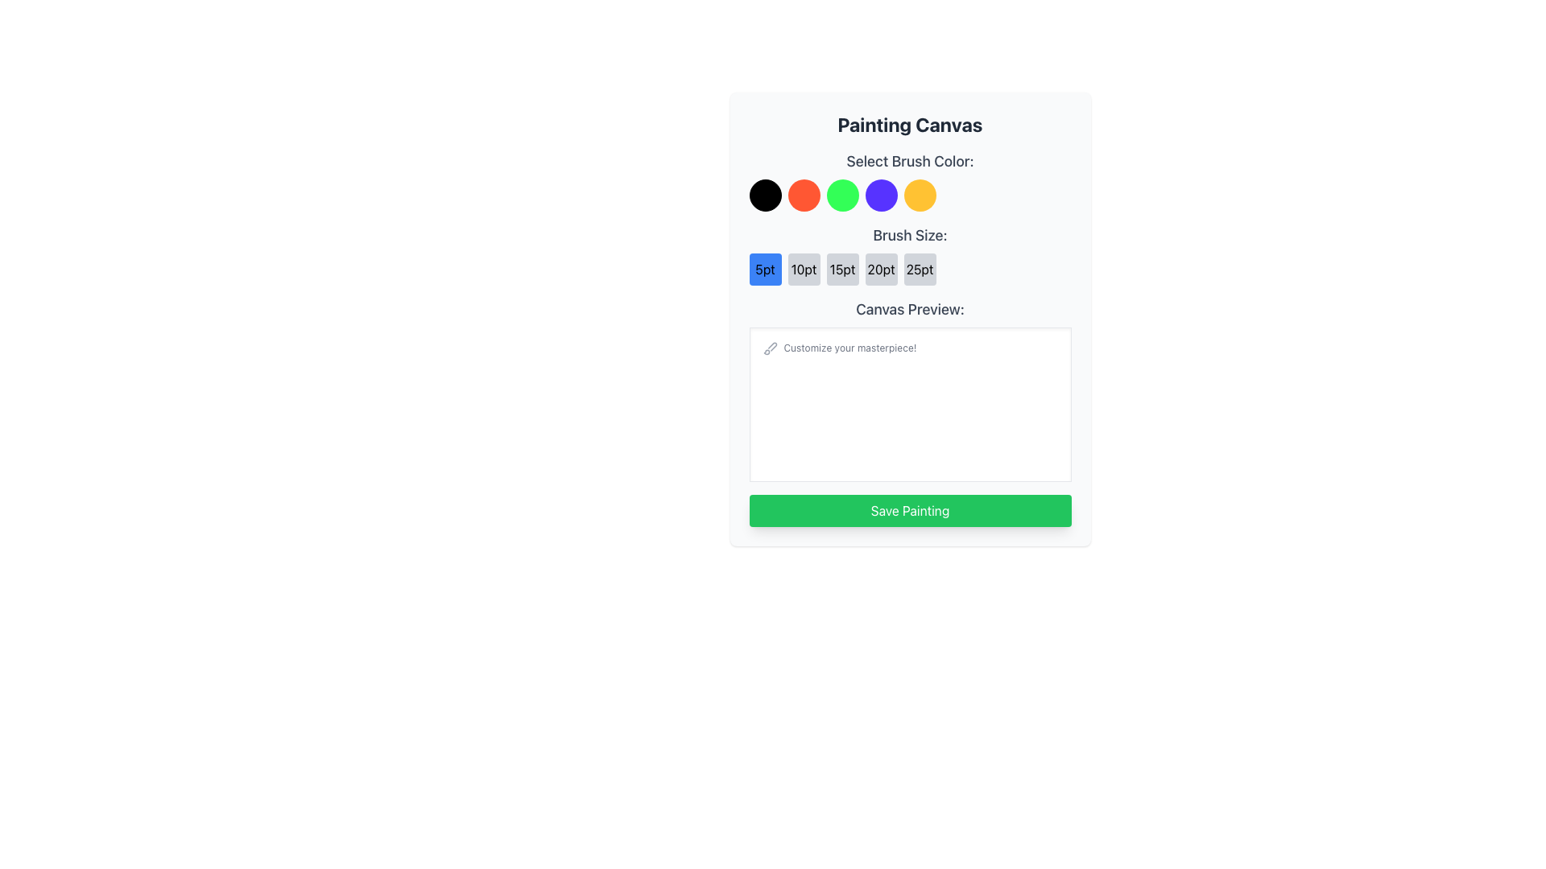 The height and width of the screenshot is (869, 1546). Describe the element at coordinates (910, 253) in the screenshot. I see `the group of interactive buttons for selecting brush sizes` at that location.